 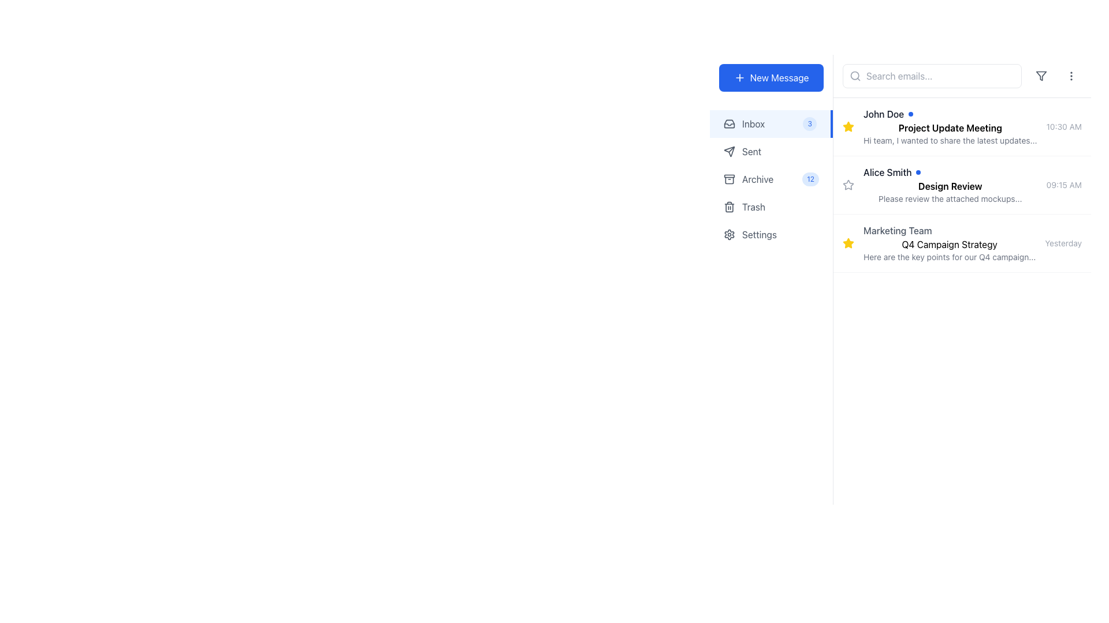 What do you see at coordinates (962, 185) in the screenshot?
I see `the second email list item displaying a summary of the email` at bounding box center [962, 185].